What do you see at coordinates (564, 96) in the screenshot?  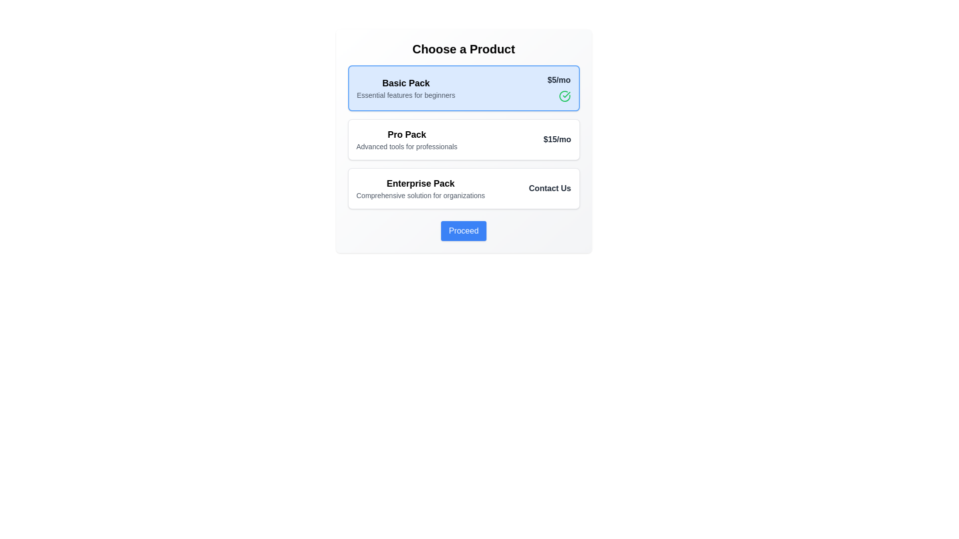 I see `the Icon indicating that the 'Basic Pack' option has been selected, located to the right of the '$5/mo' text in the selection card layout` at bounding box center [564, 96].